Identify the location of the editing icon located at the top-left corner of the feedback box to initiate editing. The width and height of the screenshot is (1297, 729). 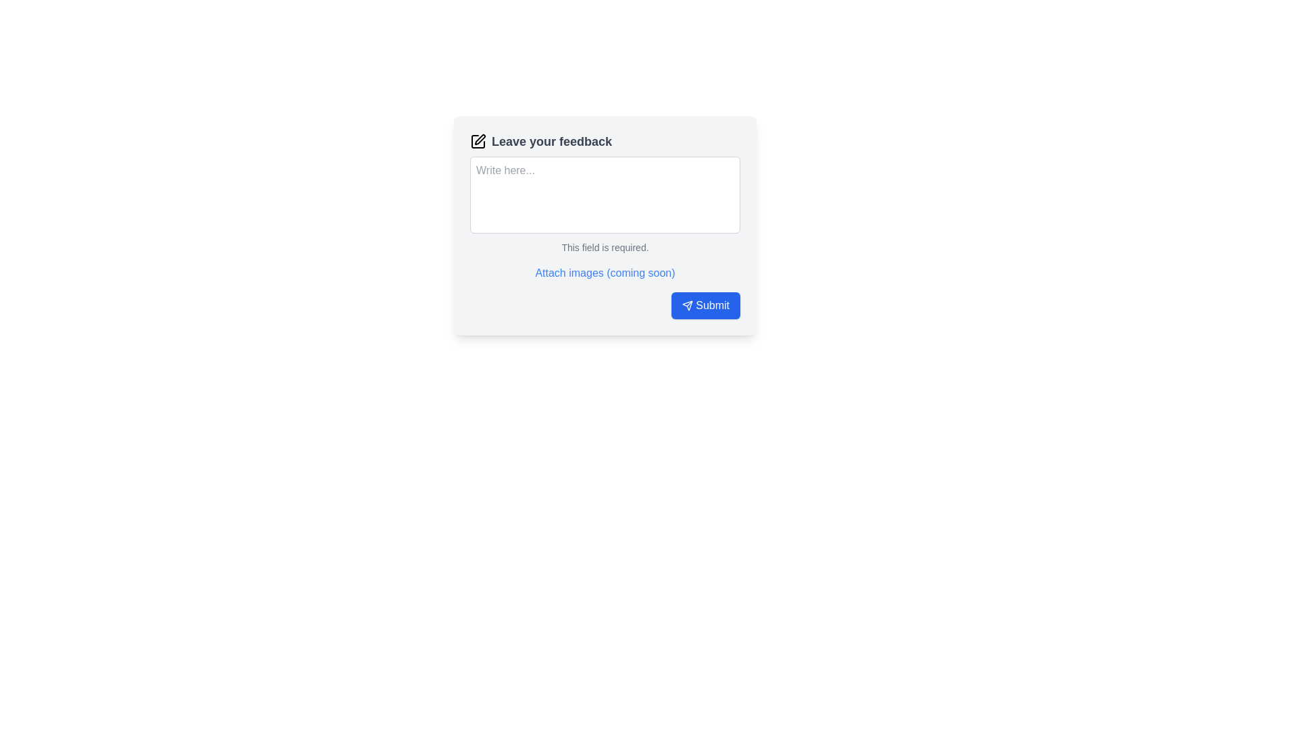
(478, 141).